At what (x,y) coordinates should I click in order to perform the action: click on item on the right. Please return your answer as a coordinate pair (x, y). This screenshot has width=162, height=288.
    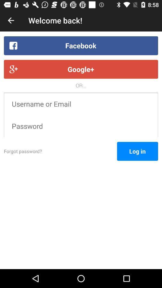
    Looking at the image, I should click on (137, 151).